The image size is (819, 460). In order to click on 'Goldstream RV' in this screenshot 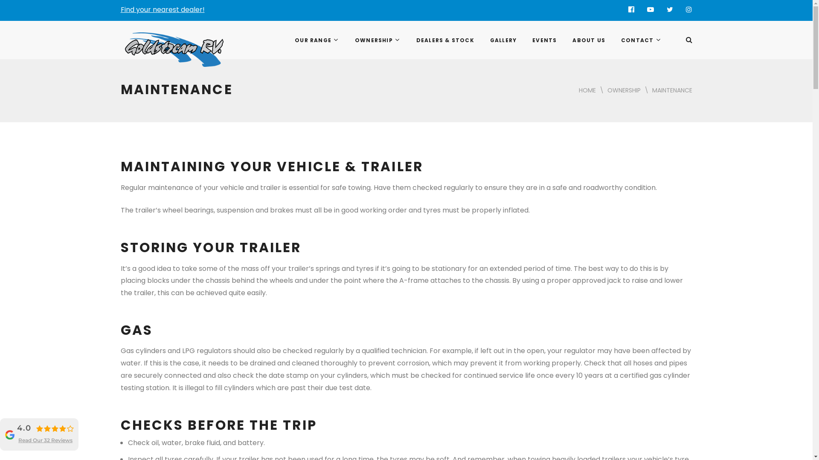, I will do `click(153, 44)`.